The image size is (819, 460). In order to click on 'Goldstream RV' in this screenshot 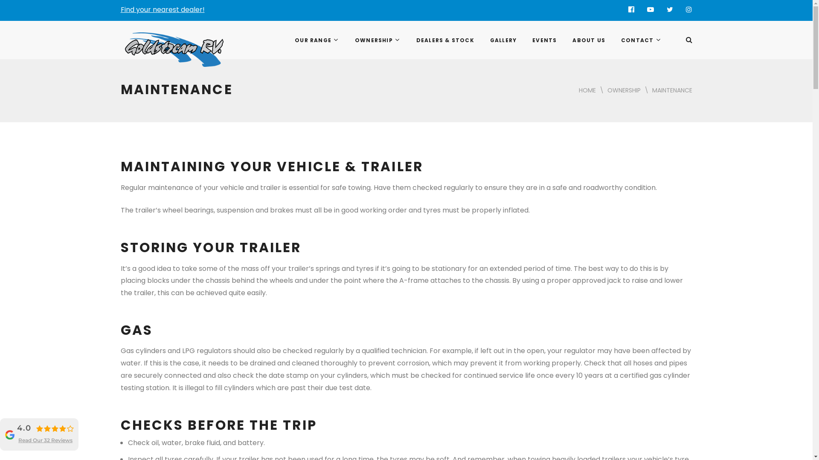, I will do `click(153, 44)`.